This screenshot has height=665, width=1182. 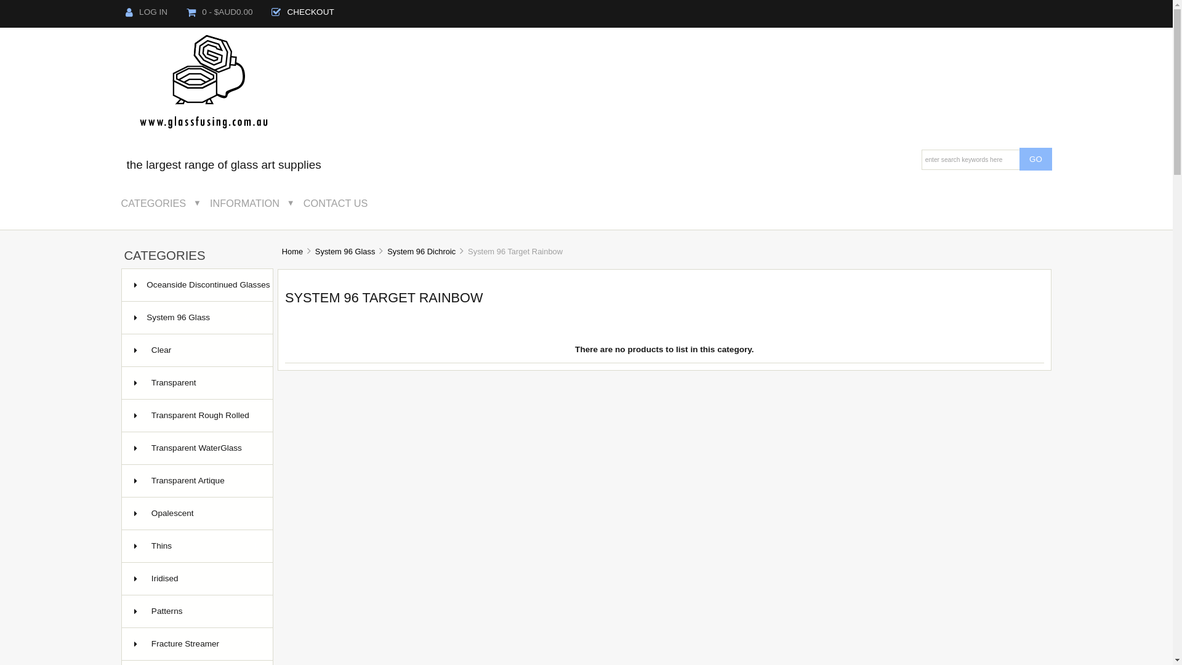 I want to click on 'Shopping Cart', so click(x=190, y=12).